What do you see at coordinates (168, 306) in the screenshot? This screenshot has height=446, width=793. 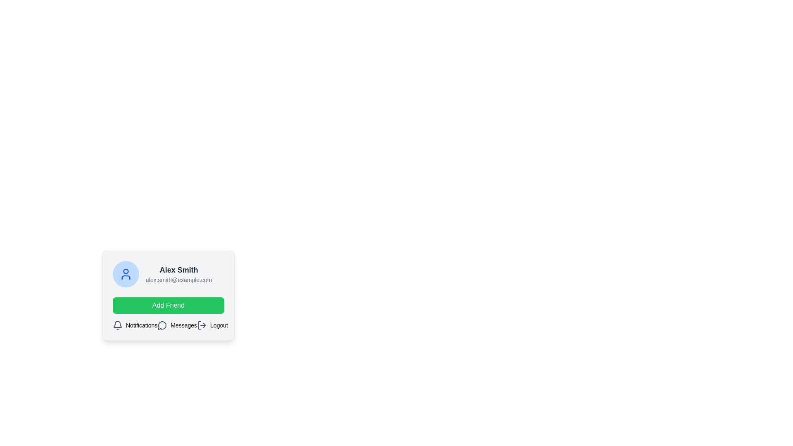 I see `the 'Add Friend' button, which is a rectangular button with rounded corners, vibrant green background, and white text, located within a user profile card component` at bounding box center [168, 306].